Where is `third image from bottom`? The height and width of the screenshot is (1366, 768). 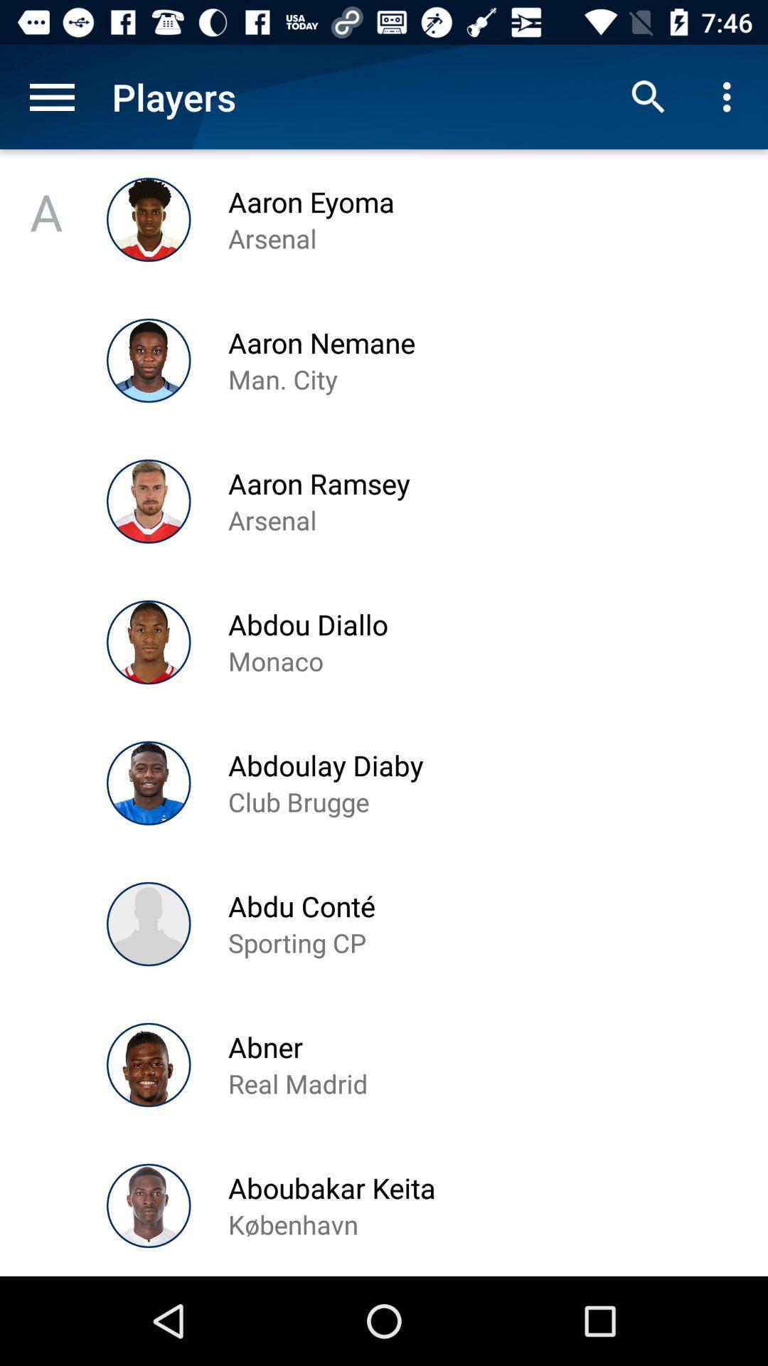 third image from bottom is located at coordinates (149, 924).